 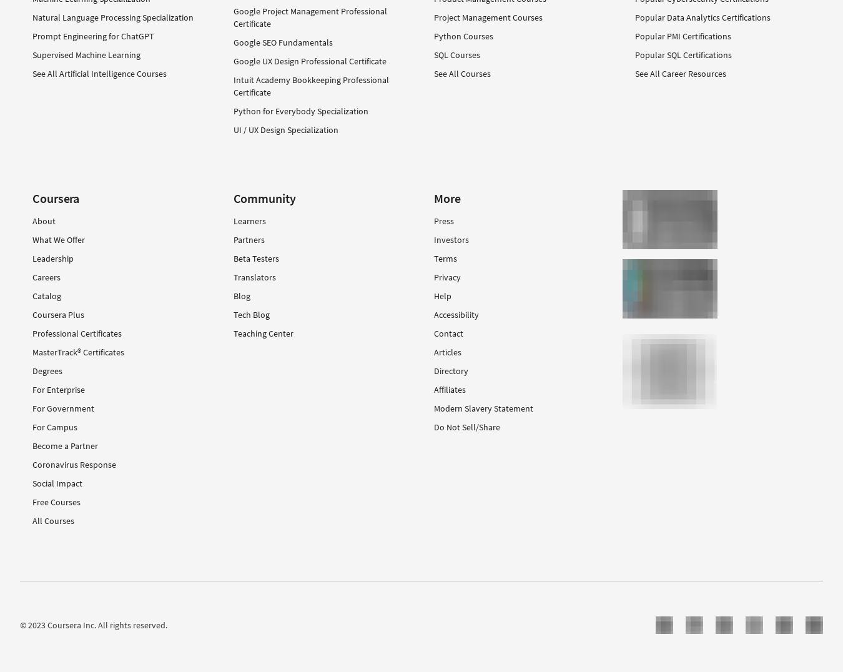 What do you see at coordinates (449, 389) in the screenshot?
I see `'Affiliates'` at bounding box center [449, 389].